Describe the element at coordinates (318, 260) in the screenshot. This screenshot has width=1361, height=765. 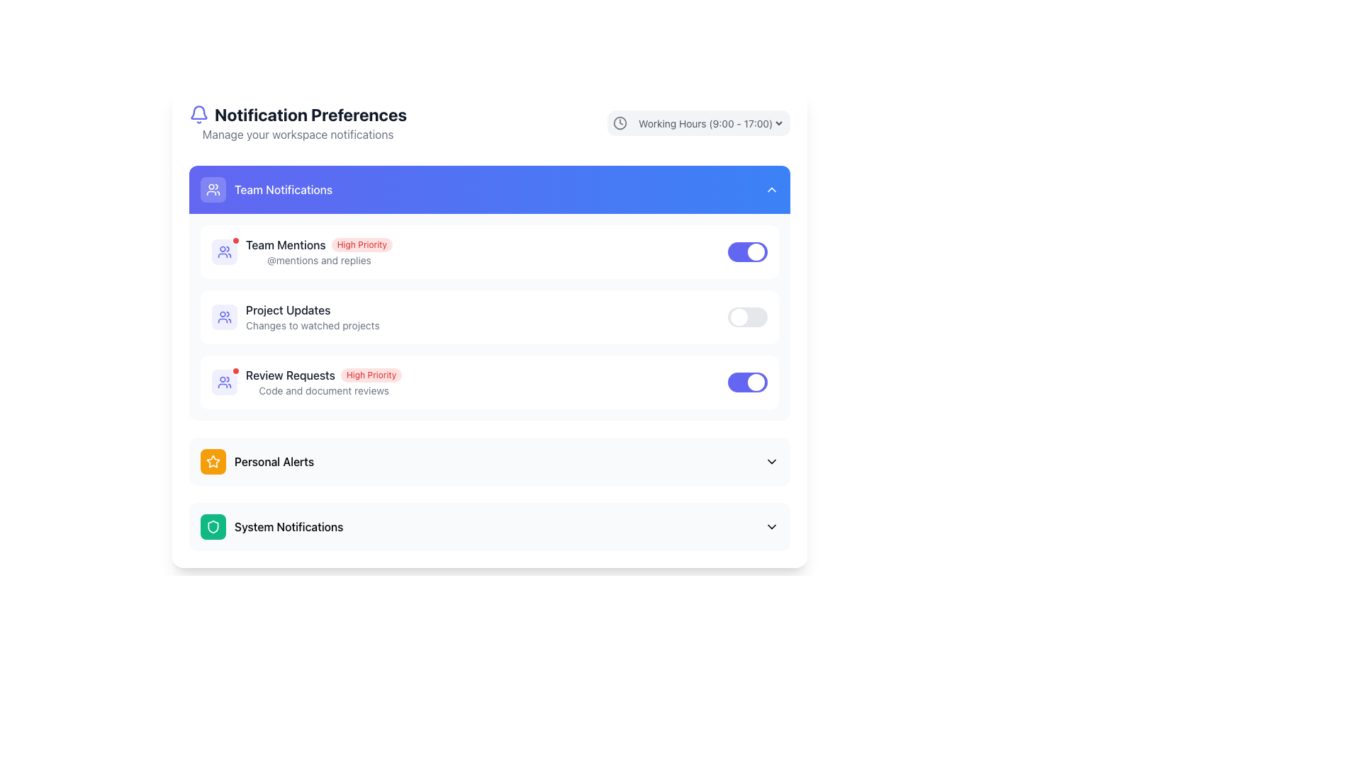
I see `the descriptive text label located below the 'Team Mentions High Priority' heading in the 'Team Notifications' section` at that location.